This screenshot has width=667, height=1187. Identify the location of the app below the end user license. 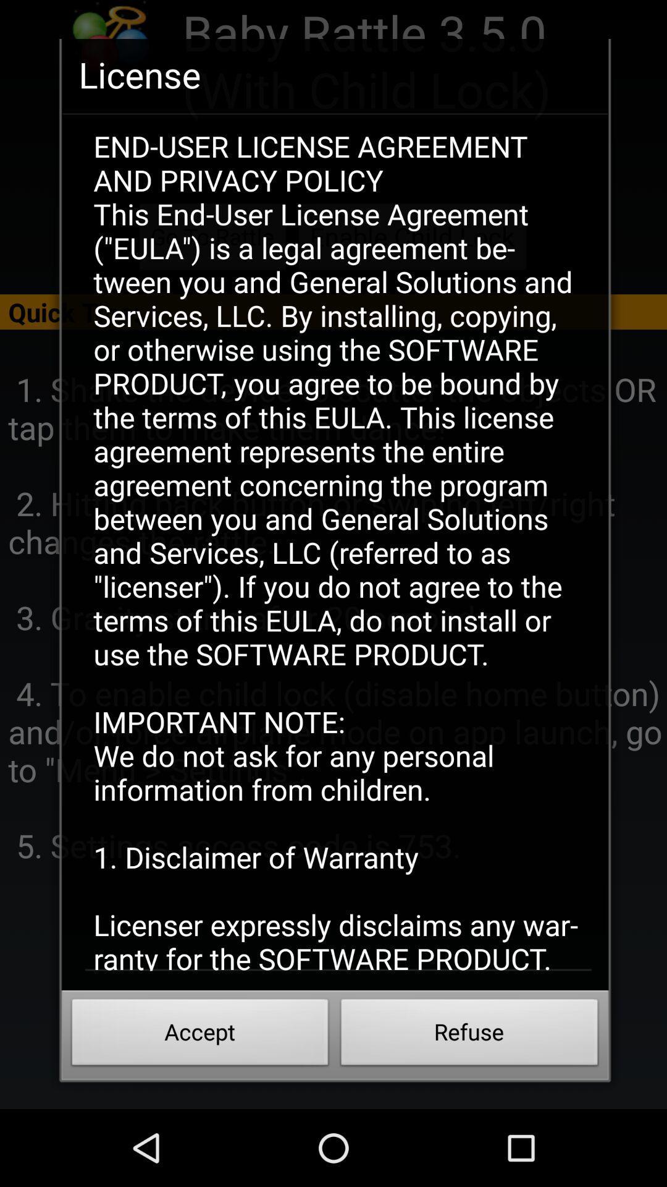
(199, 1036).